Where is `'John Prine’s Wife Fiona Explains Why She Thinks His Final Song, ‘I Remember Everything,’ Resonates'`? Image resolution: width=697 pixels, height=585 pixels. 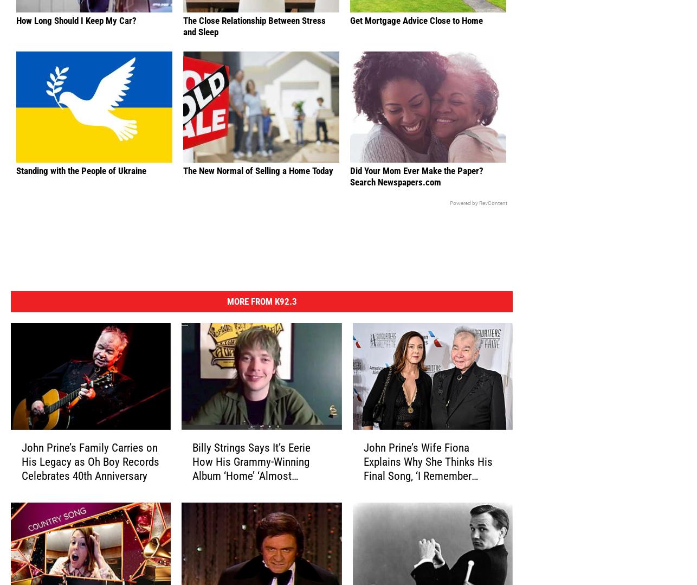
'John Prine’s Wife Fiona Explains Why She Thinks His Final Song, ‘I Remember Everything,’ Resonates' is located at coordinates (427, 485).